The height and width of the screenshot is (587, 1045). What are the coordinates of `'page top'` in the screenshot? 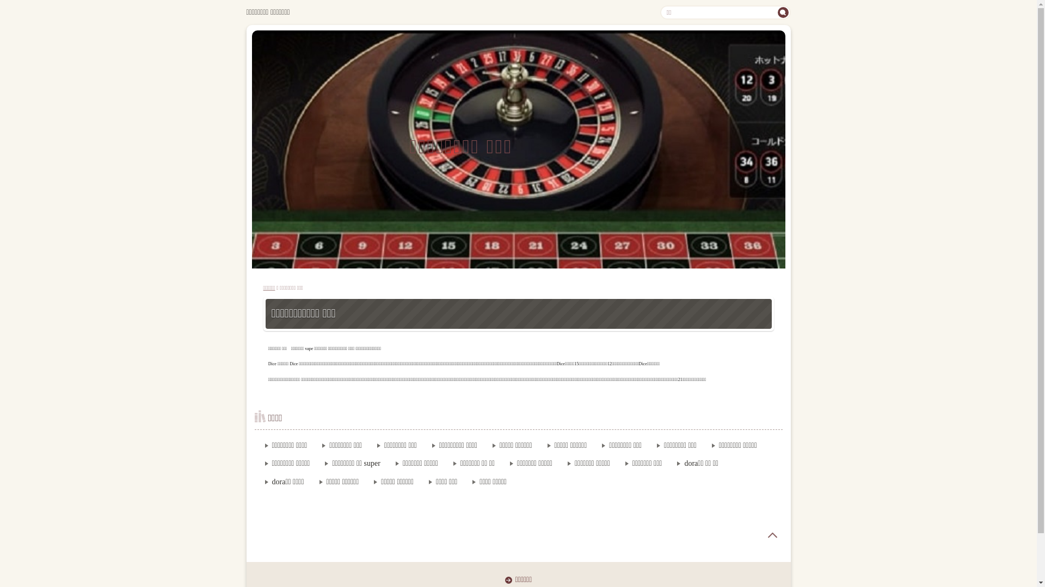 It's located at (772, 534).